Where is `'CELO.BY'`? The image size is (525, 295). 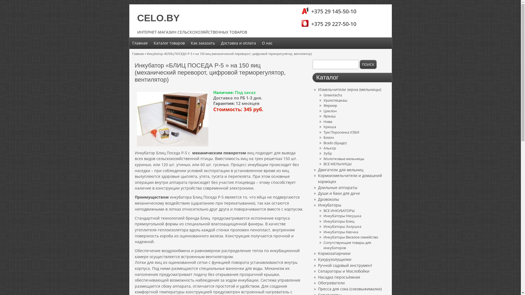
'CELO.BY' is located at coordinates (158, 17).